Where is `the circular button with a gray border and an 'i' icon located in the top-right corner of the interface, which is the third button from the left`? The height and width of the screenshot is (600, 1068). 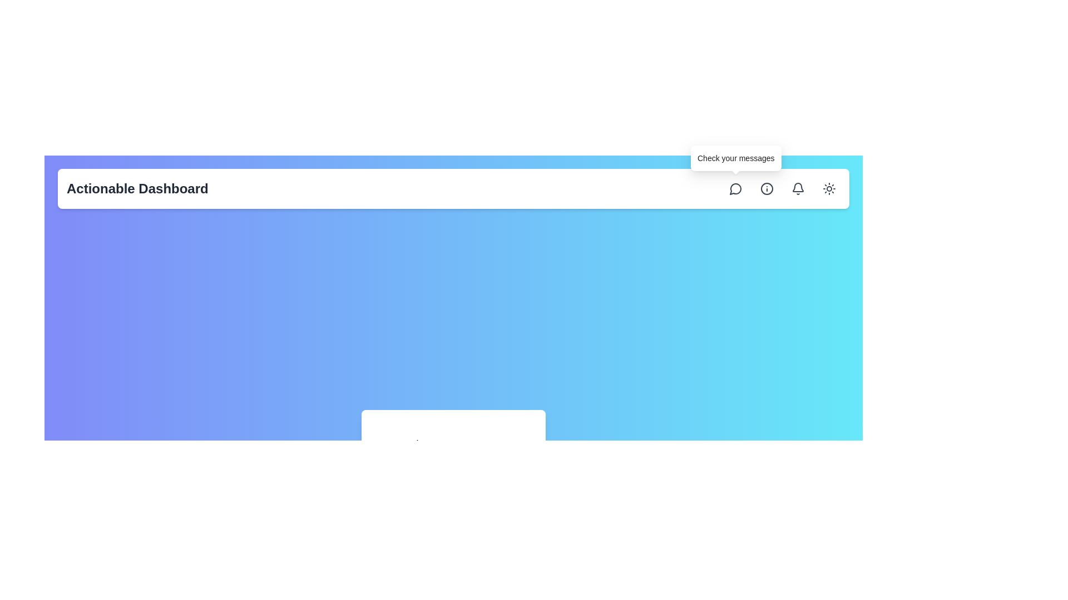 the circular button with a gray border and an 'i' icon located in the top-right corner of the interface, which is the third button from the left is located at coordinates (766, 188).